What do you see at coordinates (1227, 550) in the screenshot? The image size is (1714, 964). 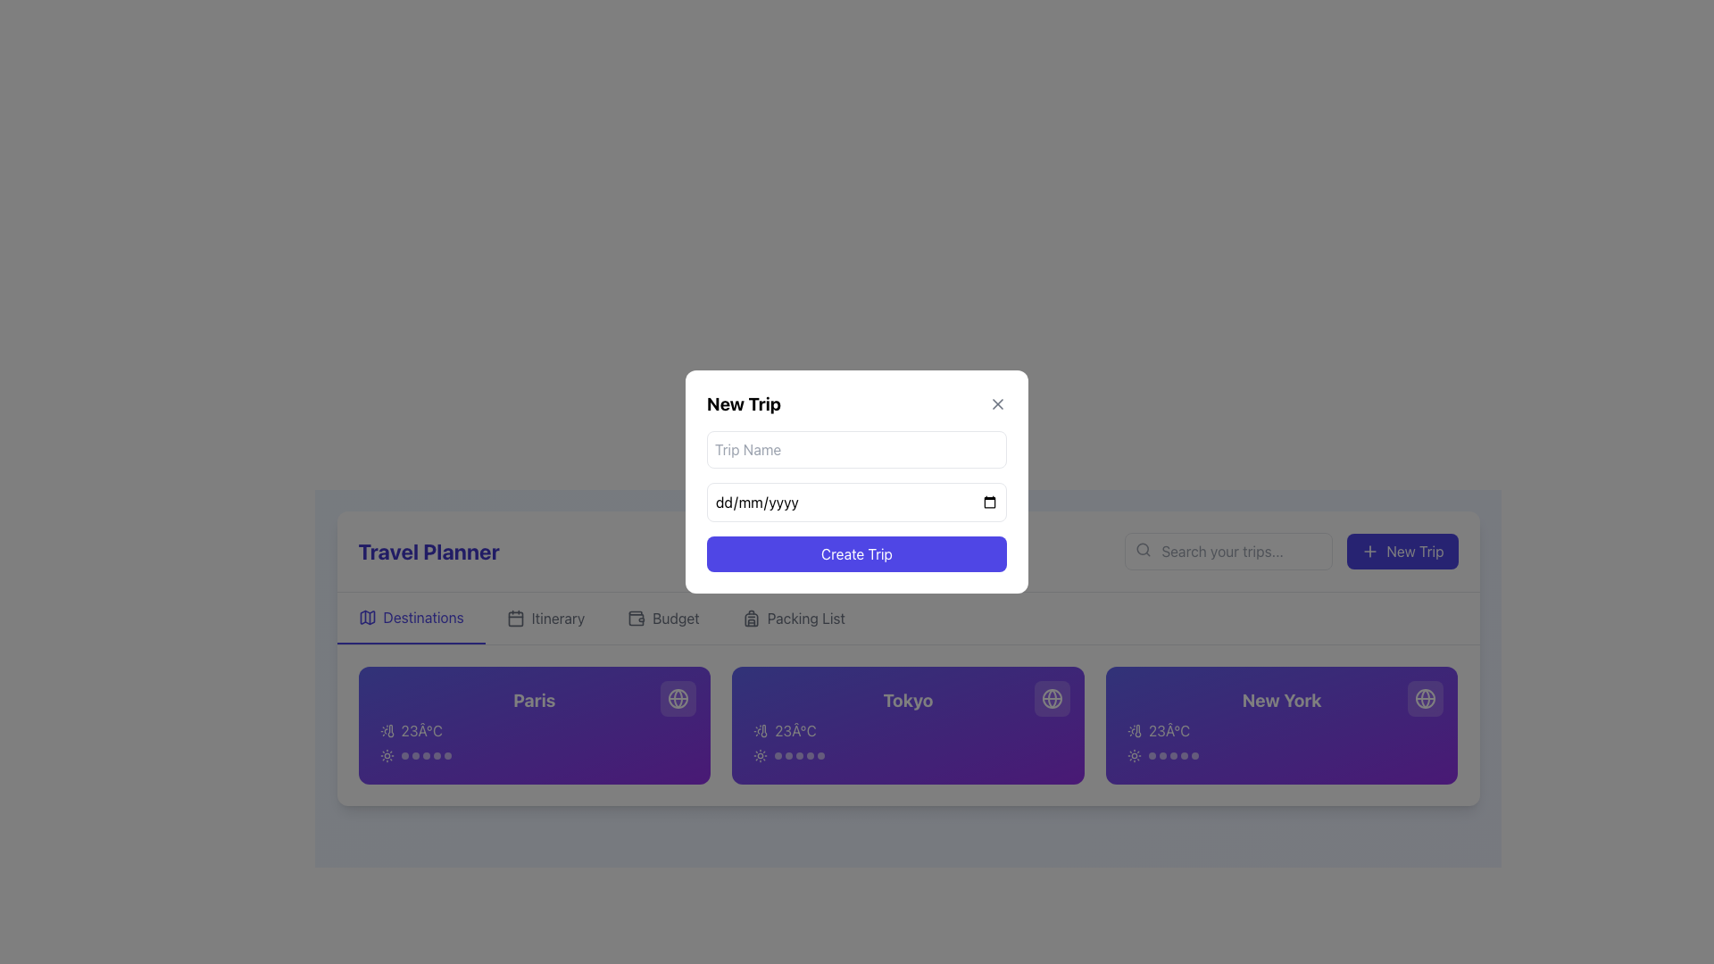 I see `to select the placeholder text 'Search your trips...' in the horizontal rectangular text input field that is styled with a border and has a gray search icon on the left` at bounding box center [1227, 550].